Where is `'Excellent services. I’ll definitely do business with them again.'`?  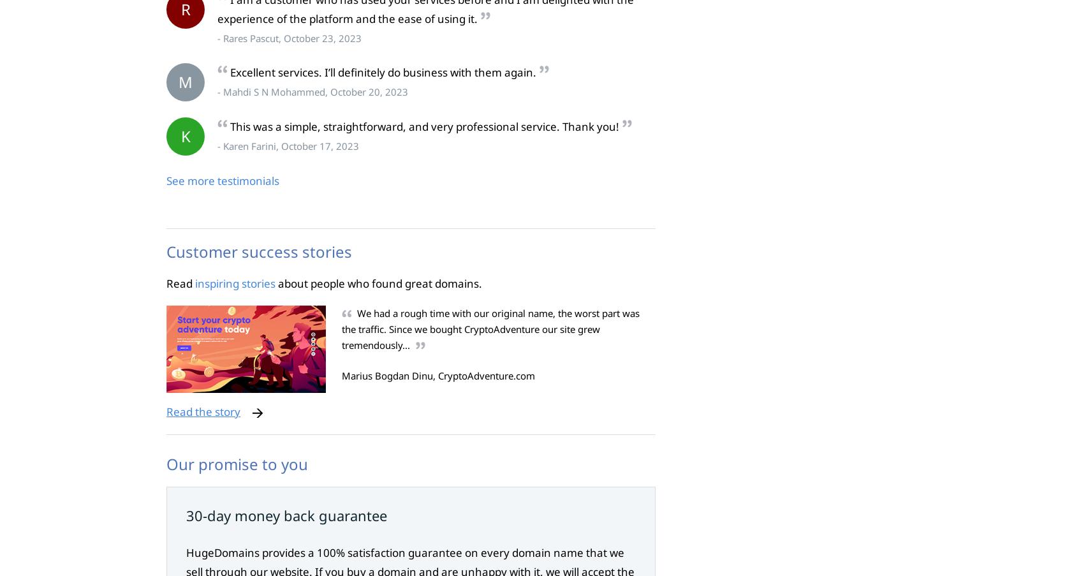 'Excellent services. I’ll definitely do business with them again.' is located at coordinates (230, 72).